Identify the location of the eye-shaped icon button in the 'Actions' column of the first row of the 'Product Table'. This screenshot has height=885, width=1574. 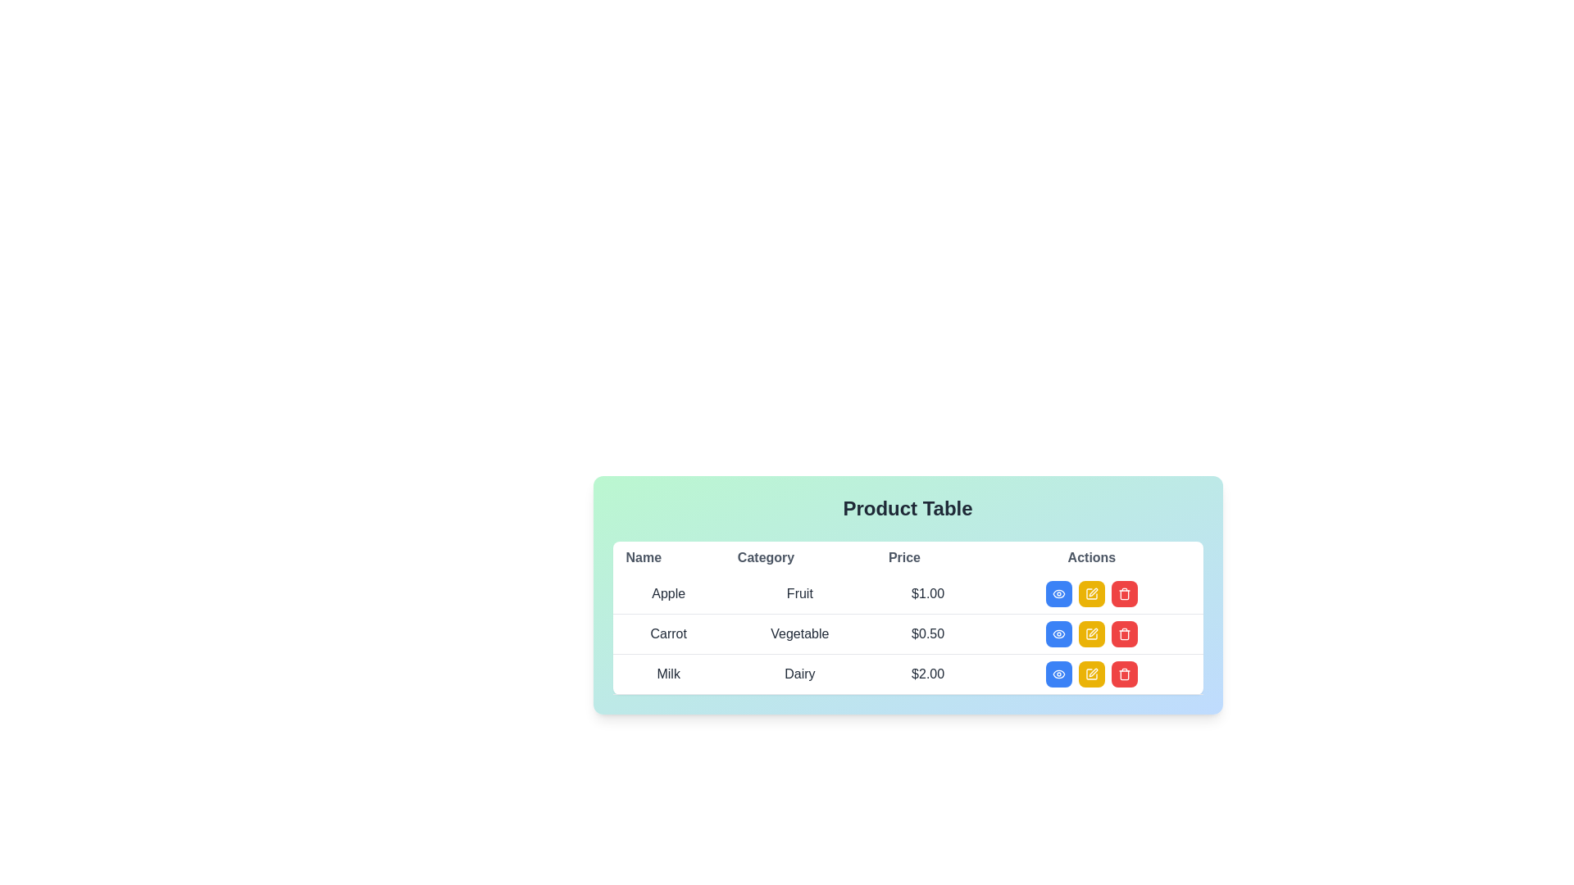
(1058, 594).